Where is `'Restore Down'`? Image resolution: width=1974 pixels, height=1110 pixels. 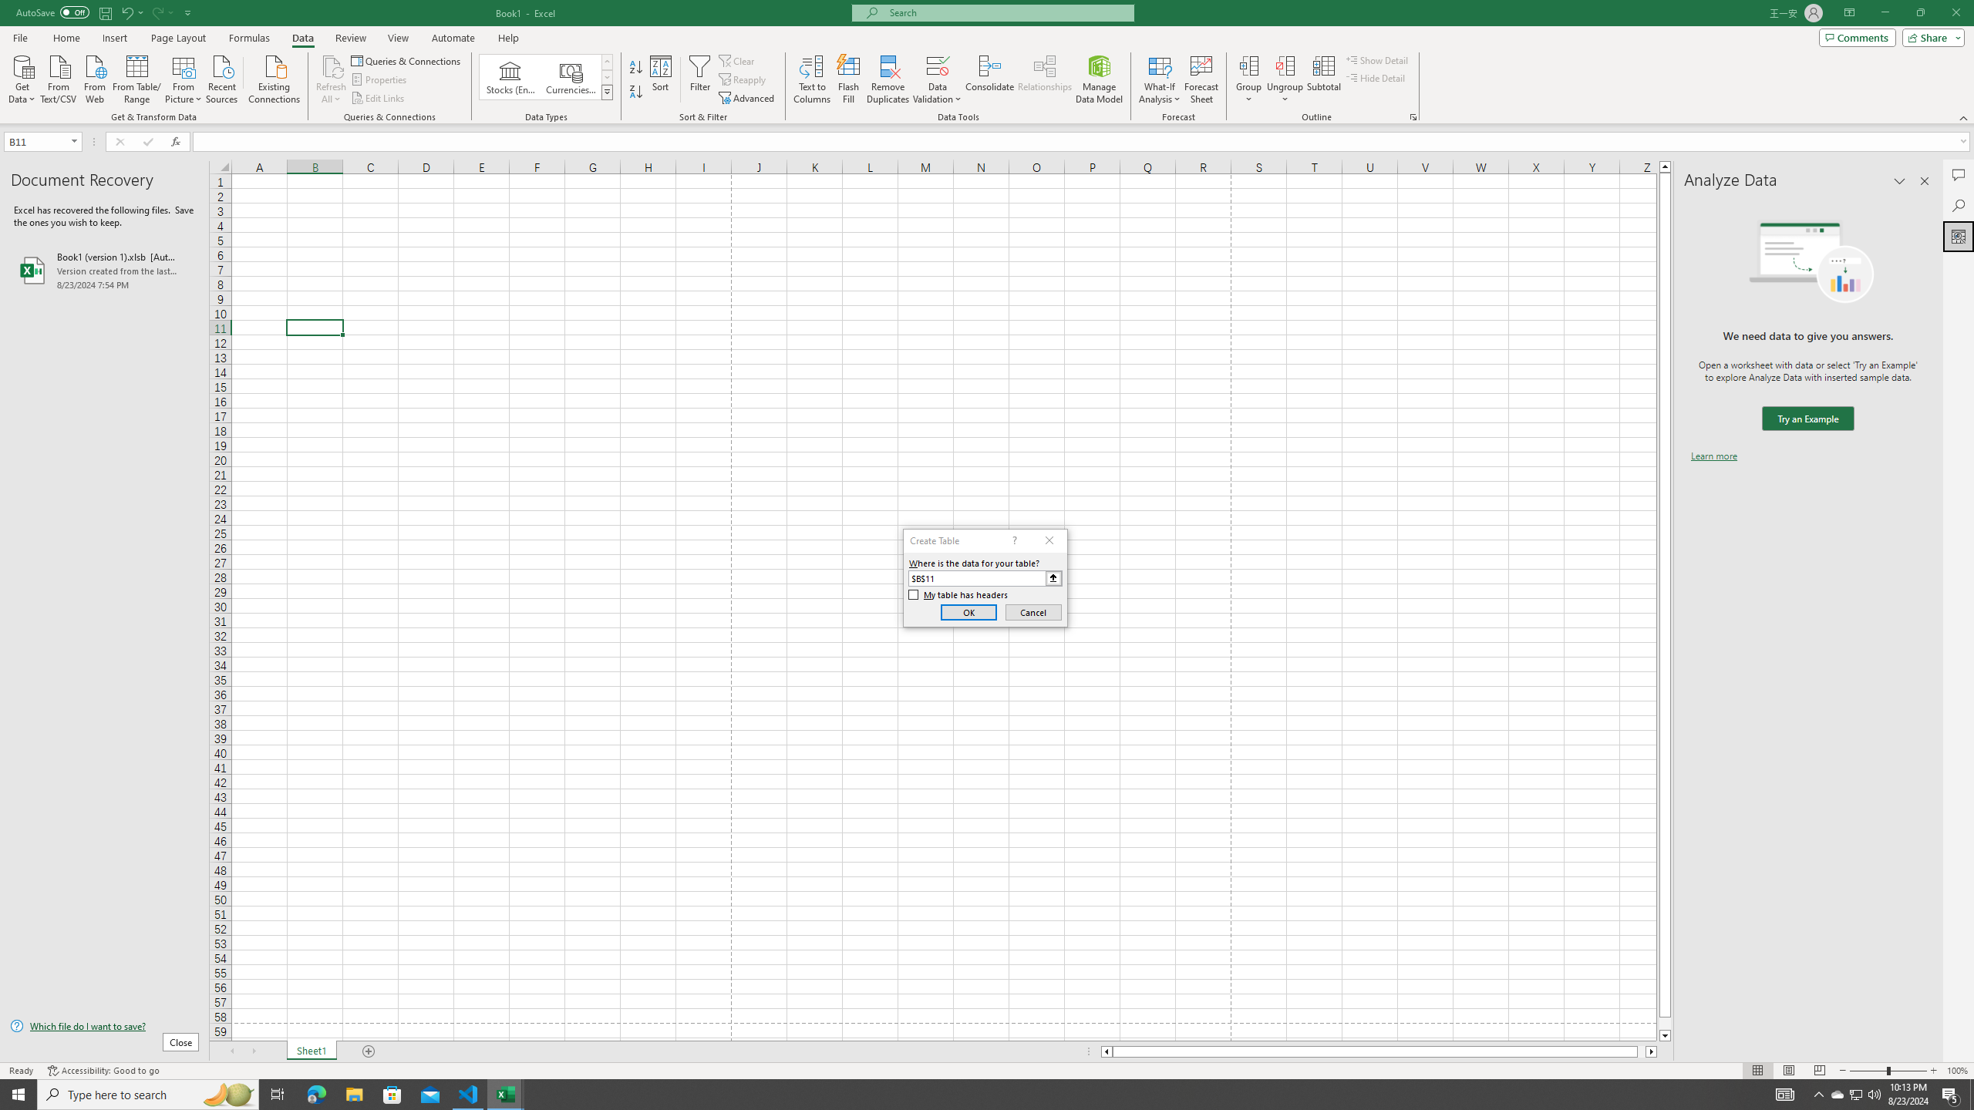
'Restore Down' is located at coordinates (1920, 12).